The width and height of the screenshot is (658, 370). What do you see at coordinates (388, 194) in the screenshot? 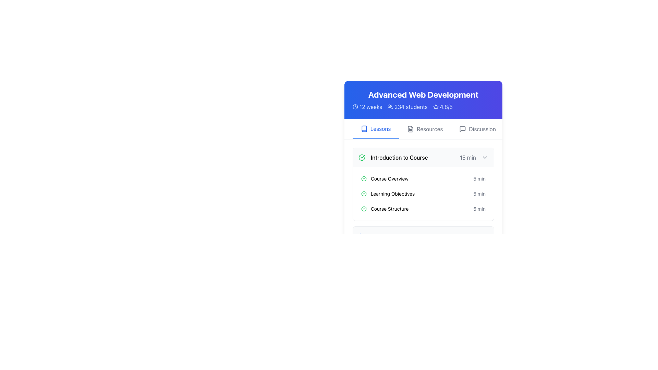
I see `the 'Learning Objectives' text label which is styled in a medium-sized font and is positioned next to a green circular checkmark in the second row of topics under 'Introduction to Course' in the 'Lessons' section` at bounding box center [388, 194].